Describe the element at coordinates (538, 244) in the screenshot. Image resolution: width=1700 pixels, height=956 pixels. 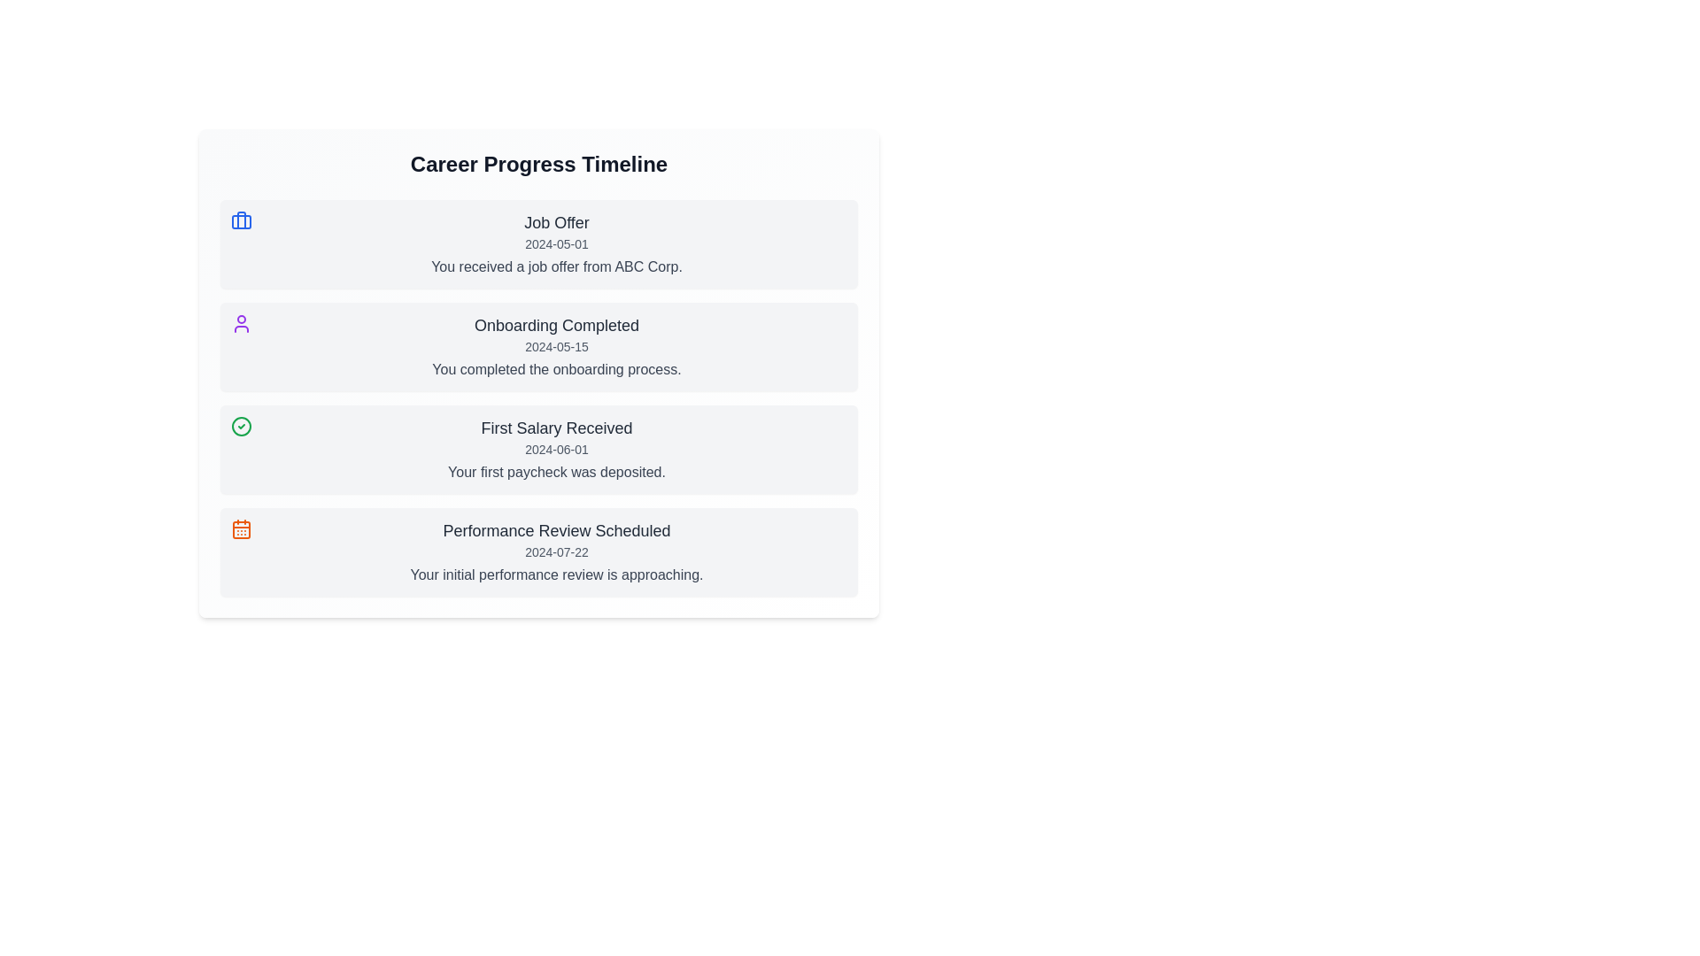
I see `the first list item in the 'Career Progress Timeline' section which displays information about receiving a job offer from ABC Corp` at that location.